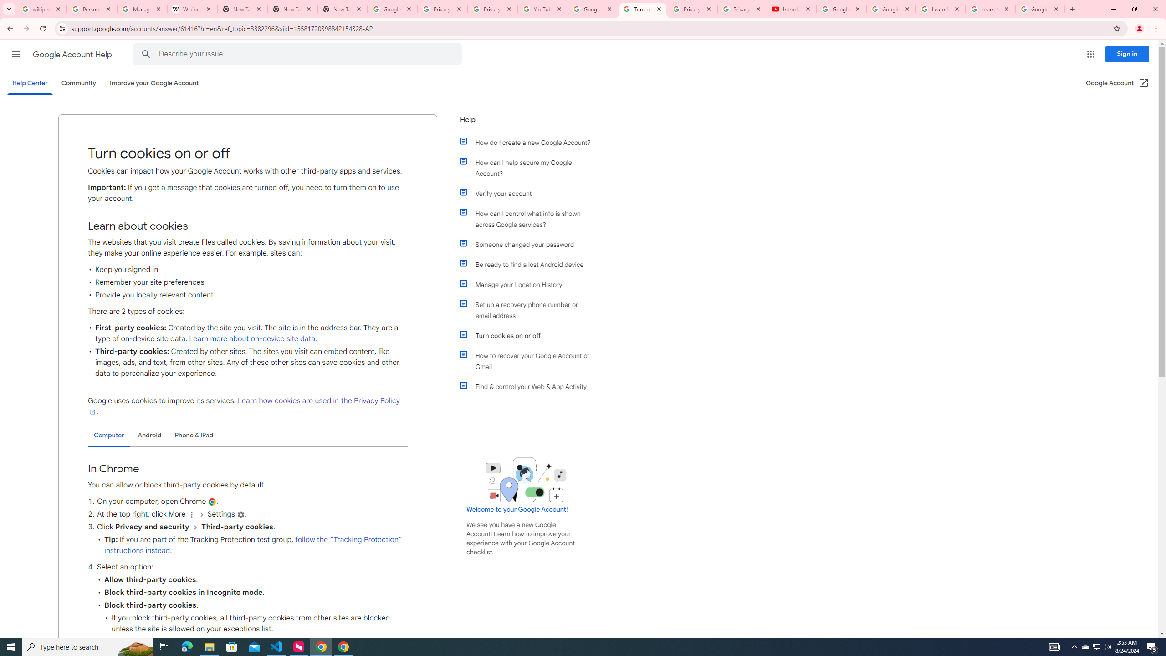 Image resolution: width=1166 pixels, height=656 pixels. I want to click on 'Learn more about on-device site data.', so click(252, 338).